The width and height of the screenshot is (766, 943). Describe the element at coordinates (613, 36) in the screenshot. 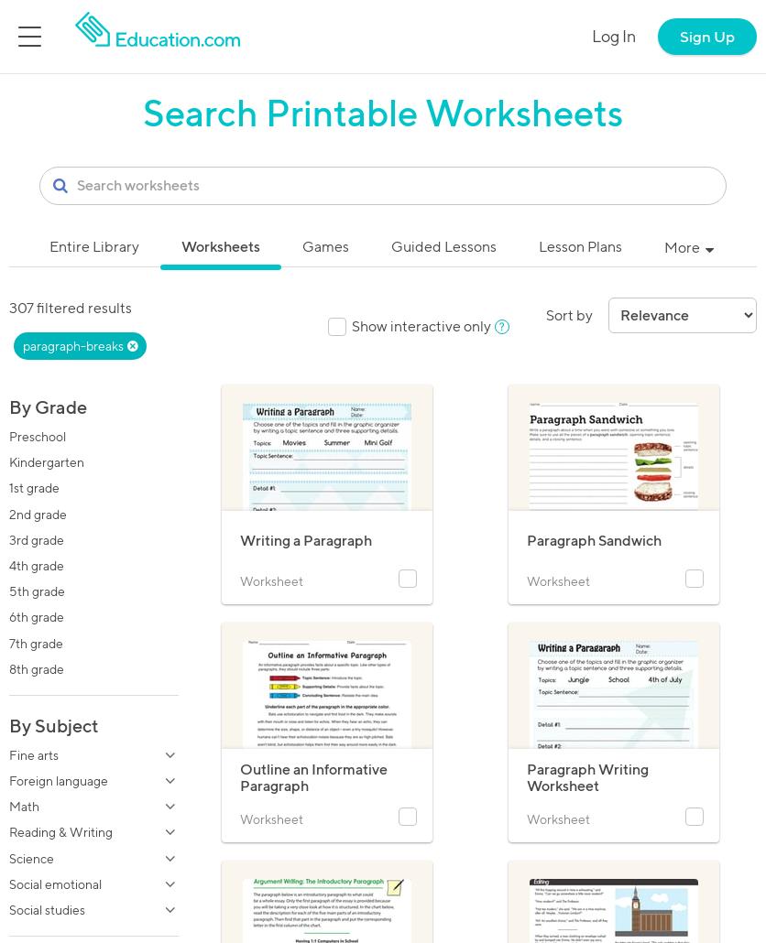

I see `'Log In'` at that location.